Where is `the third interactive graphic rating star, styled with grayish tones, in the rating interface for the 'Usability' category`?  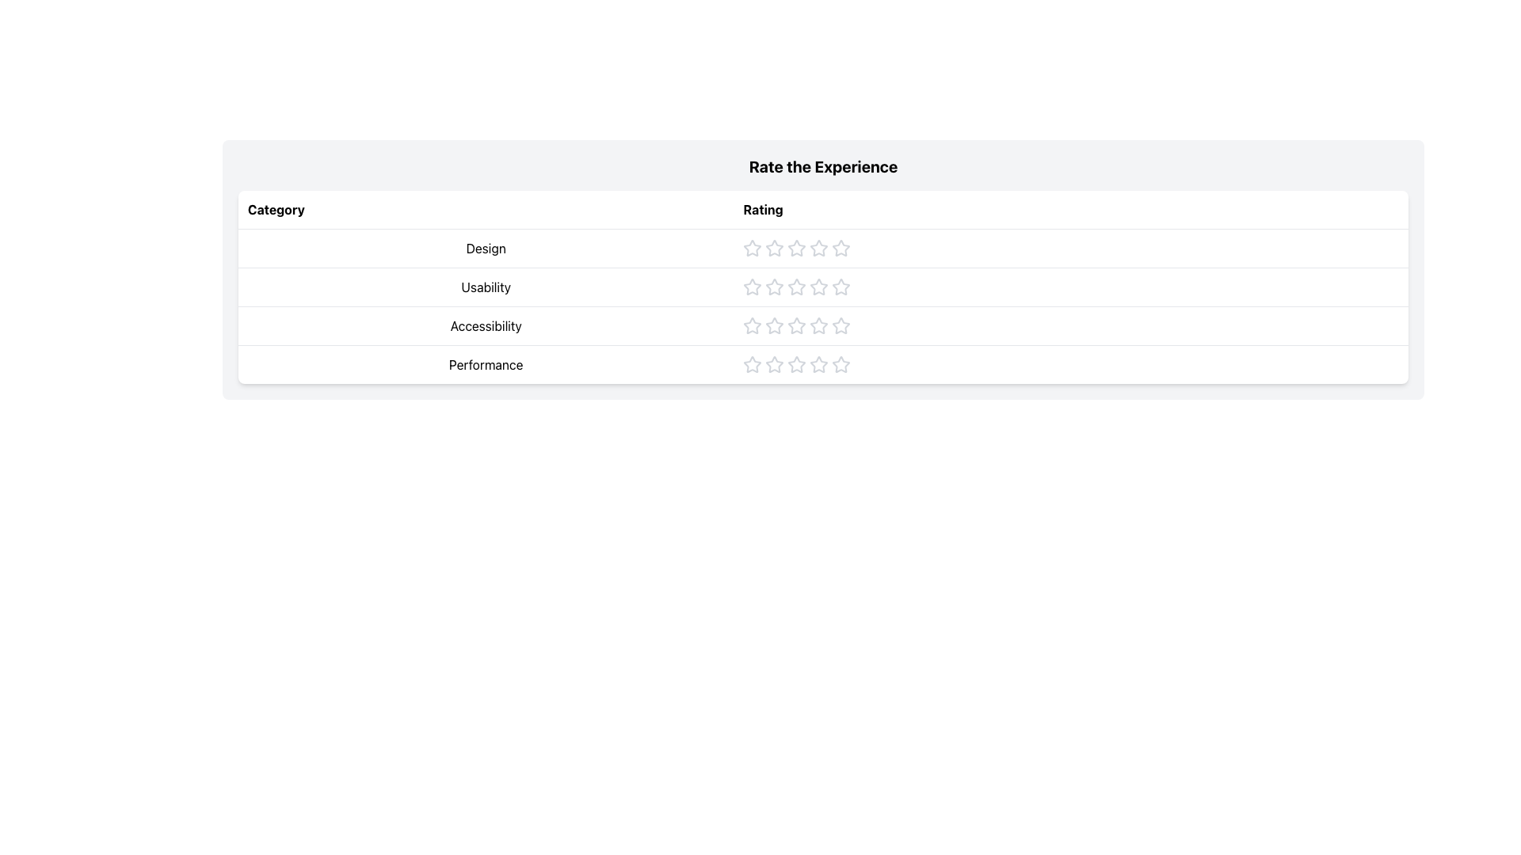
the third interactive graphic rating star, styled with grayish tones, in the rating interface for the 'Usability' category is located at coordinates (797, 287).